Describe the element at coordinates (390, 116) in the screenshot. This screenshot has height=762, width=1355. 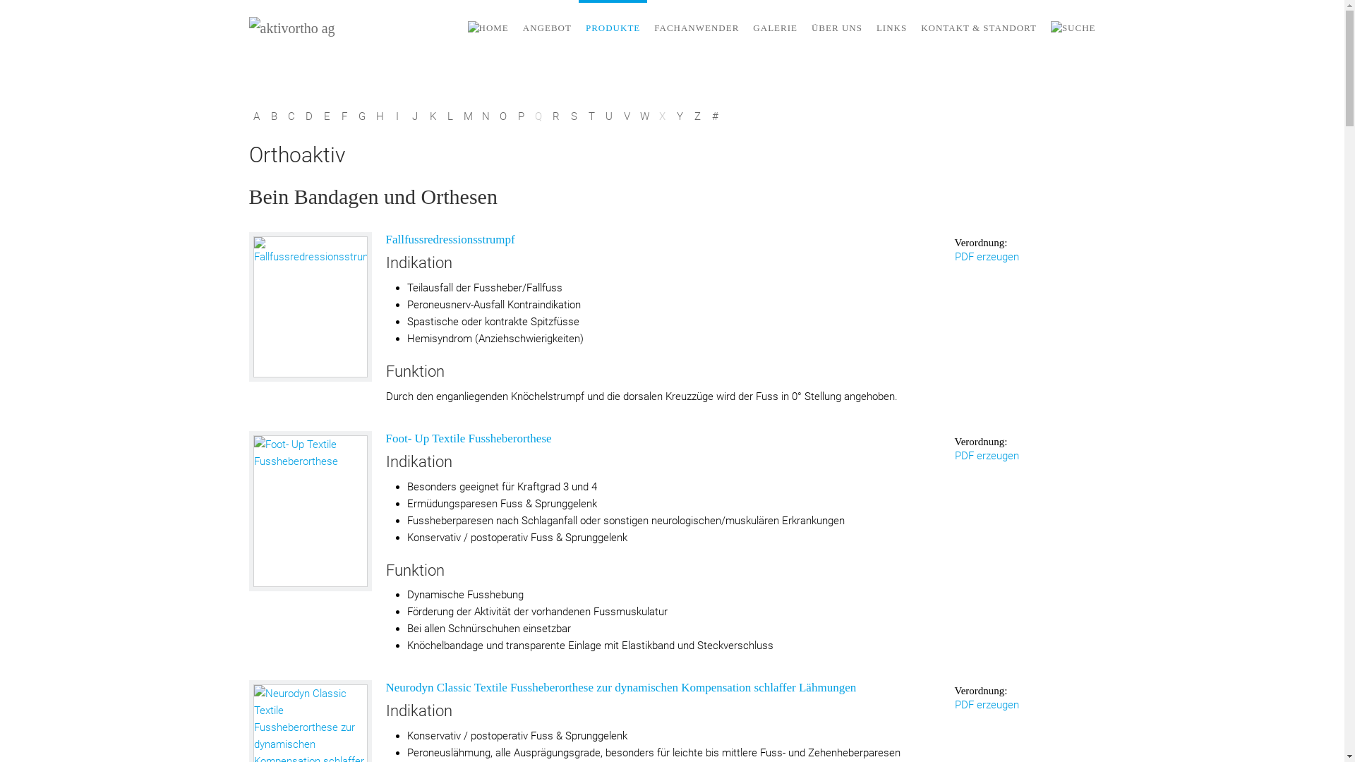
I see `'I'` at that location.